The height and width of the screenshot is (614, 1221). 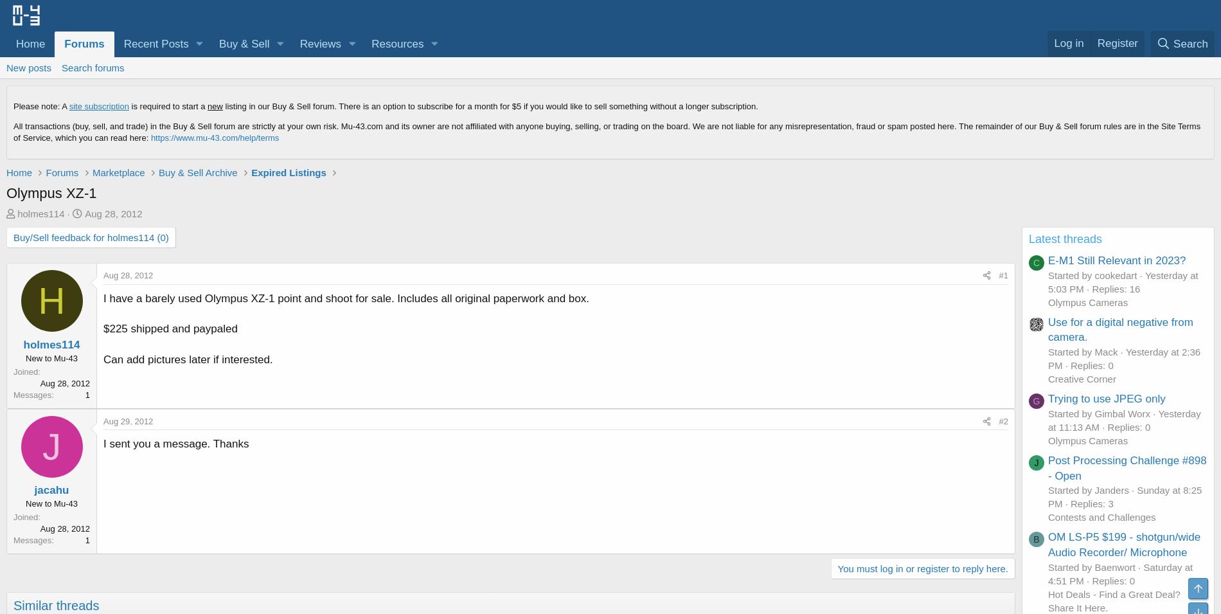 What do you see at coordinates (1123, 545) in the screenshot?
I see `'OM LS-P5 $199 - shotgun/wide Audio Recorder/ Microphone'` at bounding box center [1123, 545].